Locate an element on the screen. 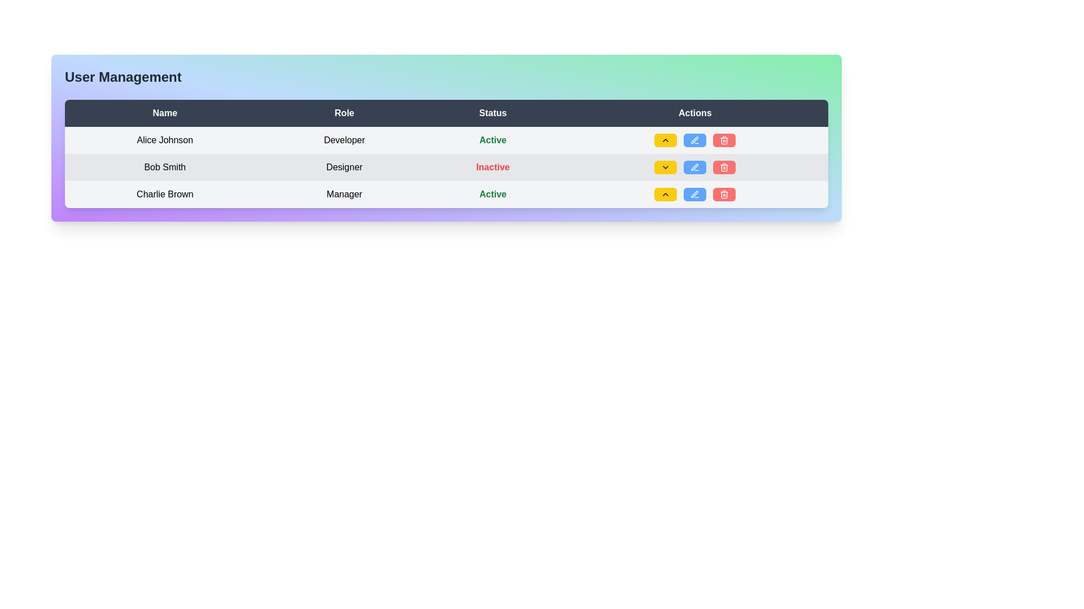 Image resolution: width=1084 pixels, height=609 pixels. the delete button icon in the Actions column of the second row in the user management table is located at coordinates (724, 167).